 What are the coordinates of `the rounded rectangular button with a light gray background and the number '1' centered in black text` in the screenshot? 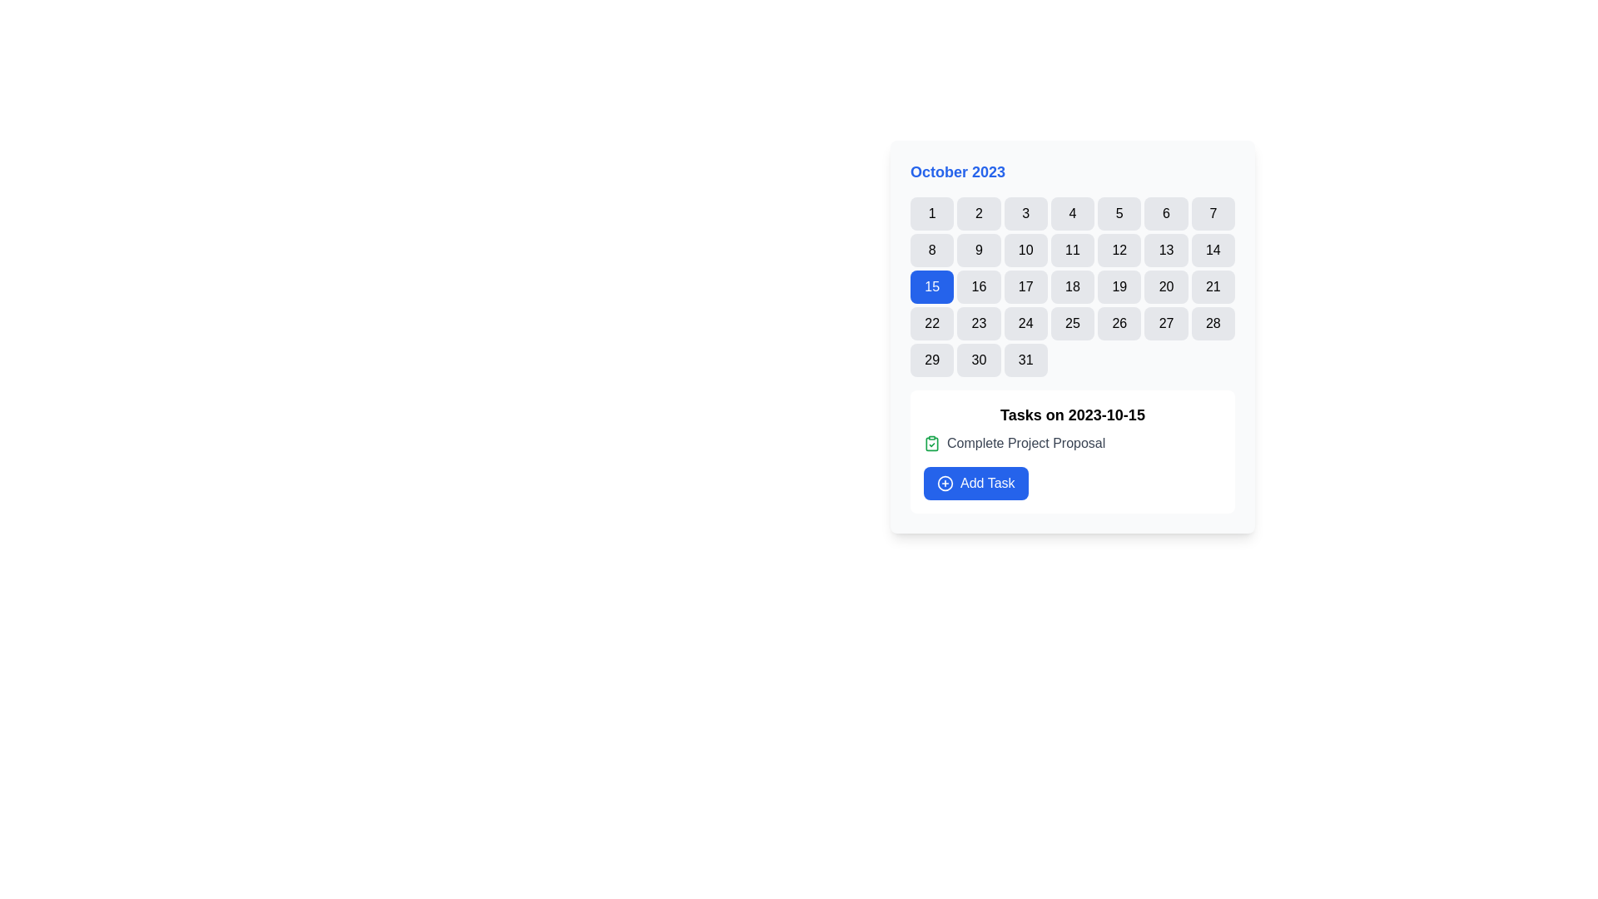 It's located at (932, 213).